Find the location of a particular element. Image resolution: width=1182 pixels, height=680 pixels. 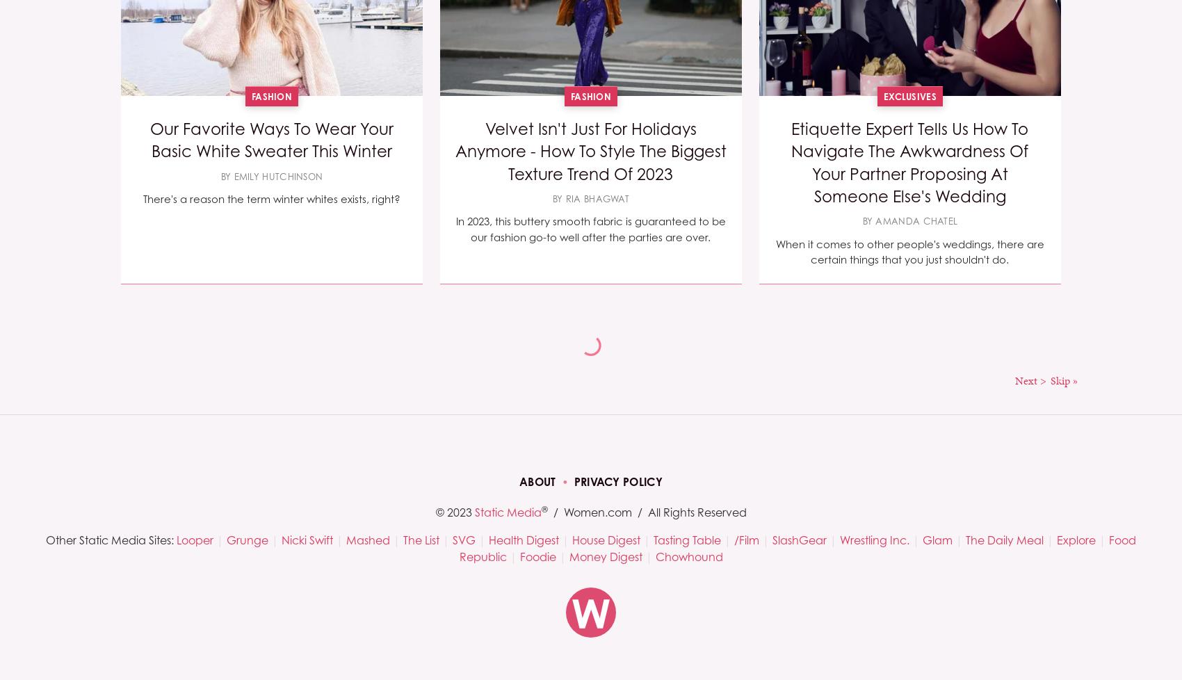

'If your routine calls for several different products, it's important to make sure you're maximizing their benefits.' is located at coordinates (460, 588).